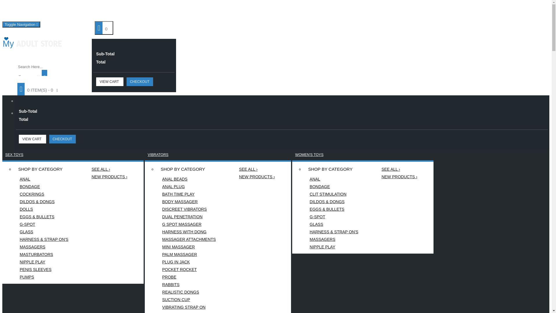  Describe the element at coordinates (309, 154) in the screenshot. I see `'WOMEN'S TOYS'` at that location.